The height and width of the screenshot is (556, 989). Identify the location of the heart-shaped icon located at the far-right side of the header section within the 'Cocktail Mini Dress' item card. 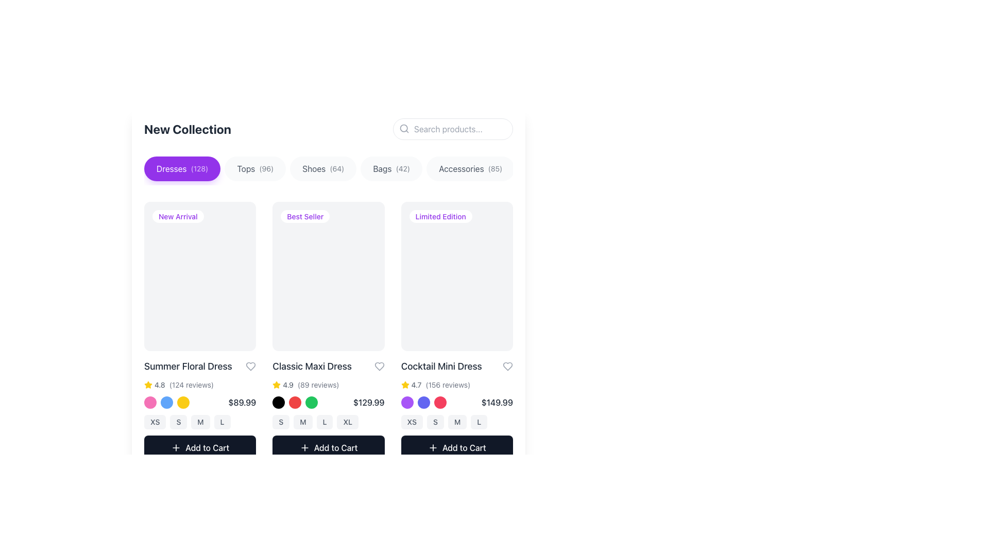
(507, 366).